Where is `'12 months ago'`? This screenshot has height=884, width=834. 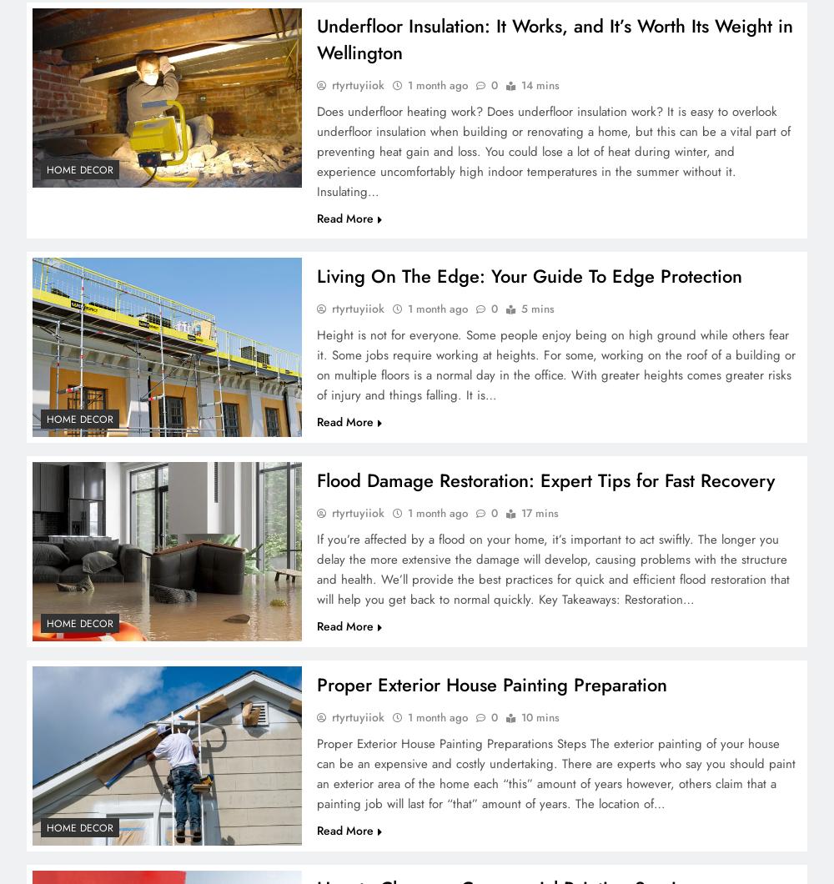
'12 months ago' is located at coordinates (199, 193).